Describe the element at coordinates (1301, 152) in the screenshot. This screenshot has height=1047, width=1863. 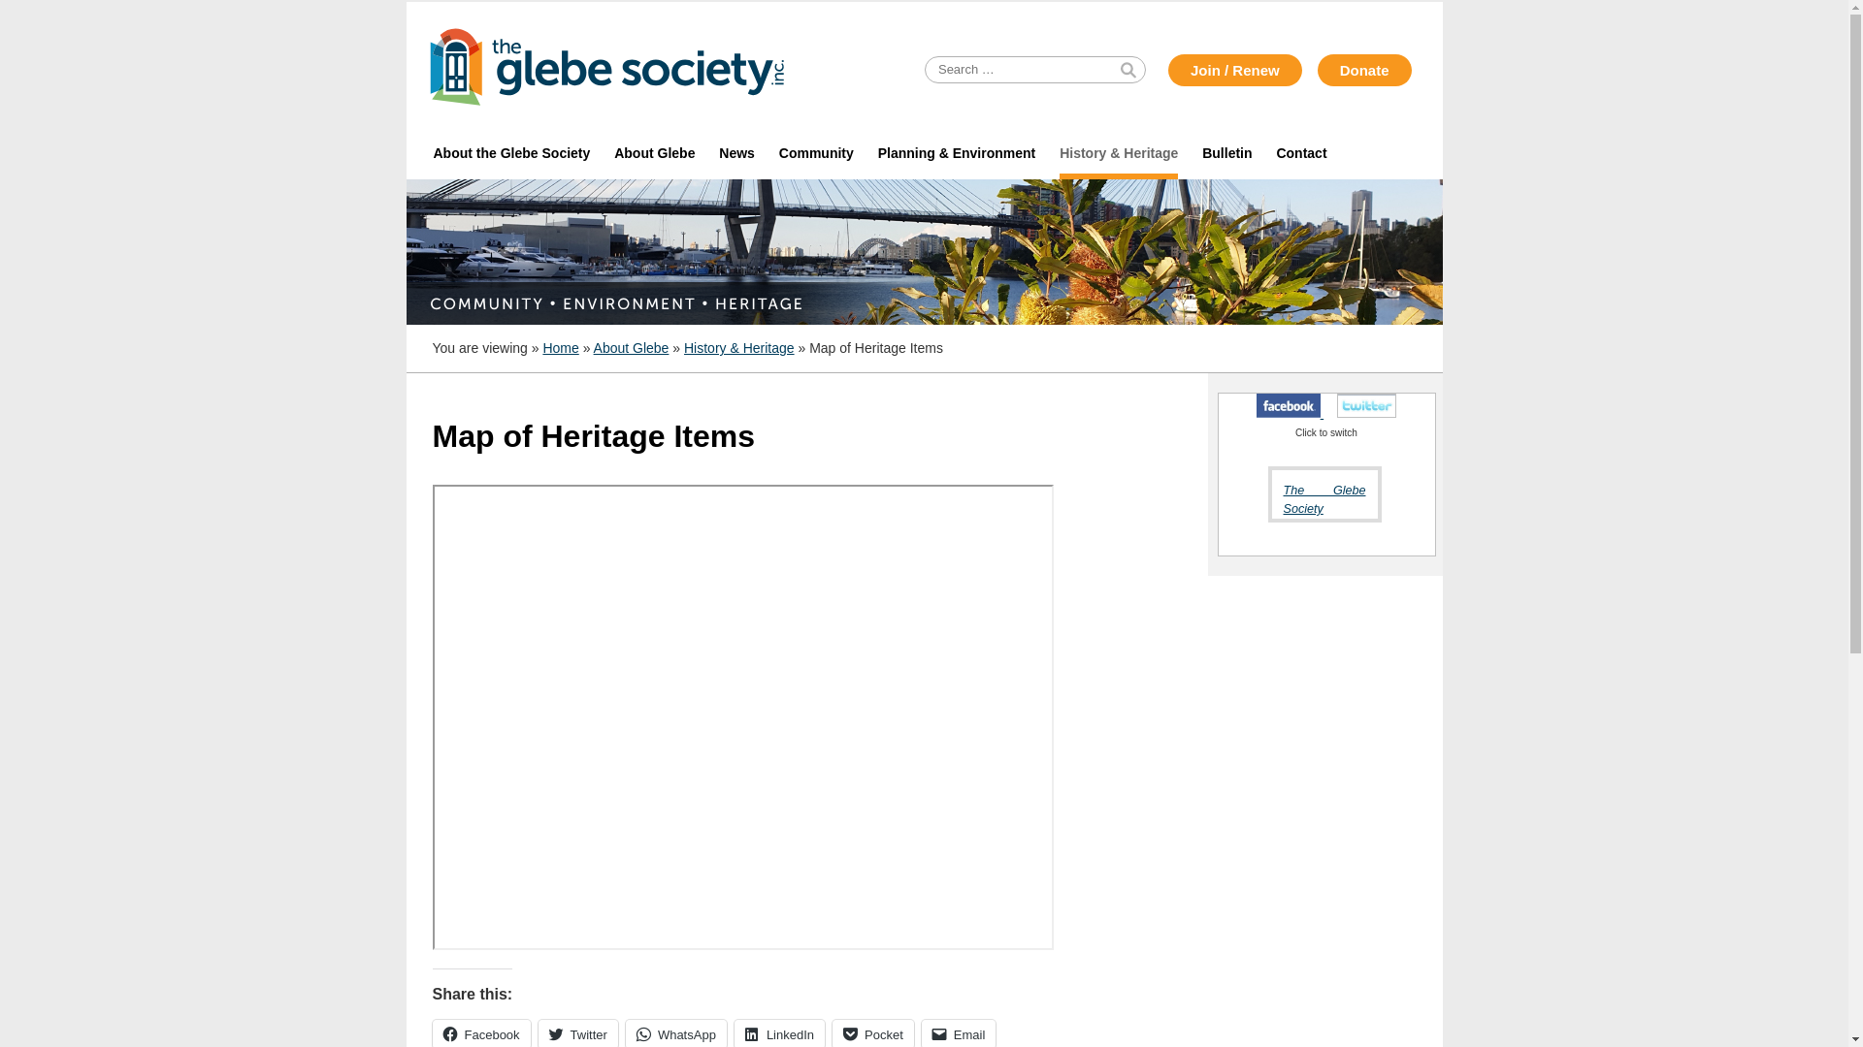
I see `'Contact'` at that location.